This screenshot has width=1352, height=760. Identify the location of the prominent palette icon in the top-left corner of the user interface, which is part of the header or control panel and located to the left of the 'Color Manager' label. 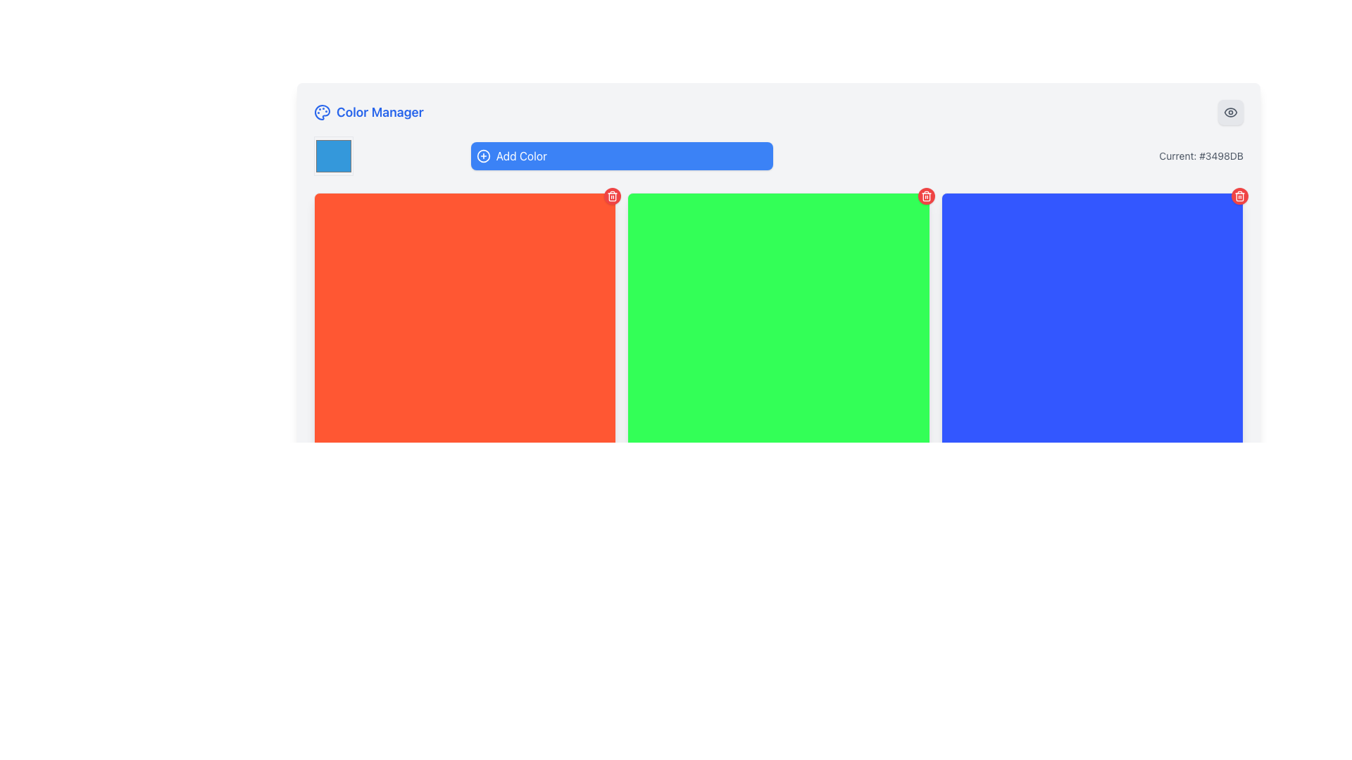
(321, 111).